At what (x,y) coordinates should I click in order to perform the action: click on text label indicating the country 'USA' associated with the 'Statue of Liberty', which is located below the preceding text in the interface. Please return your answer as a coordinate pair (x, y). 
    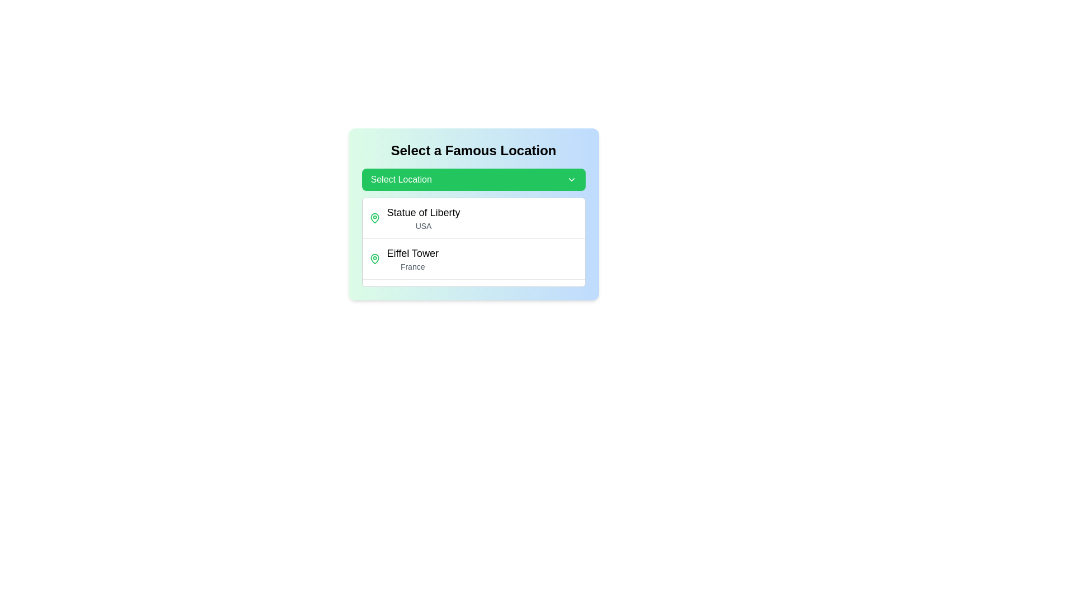
    Looking at the image, I should click on (423, 226).